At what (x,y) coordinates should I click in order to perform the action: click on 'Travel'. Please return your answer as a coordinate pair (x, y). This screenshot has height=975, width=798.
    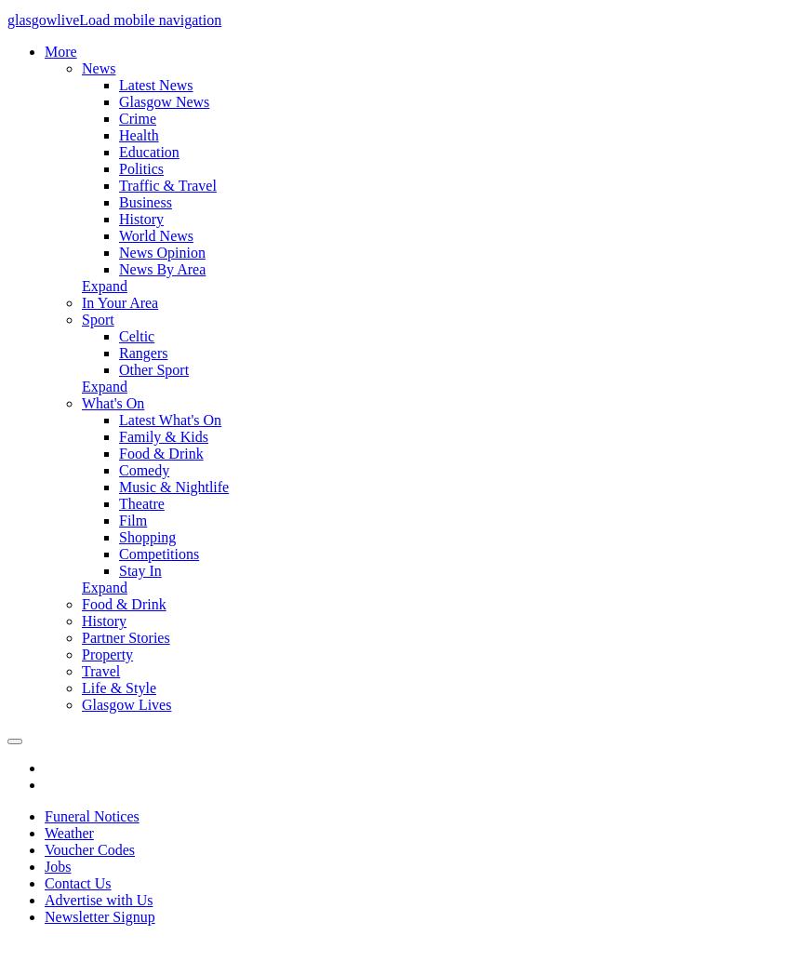
    Looking at the image, I should click on (100, 670).